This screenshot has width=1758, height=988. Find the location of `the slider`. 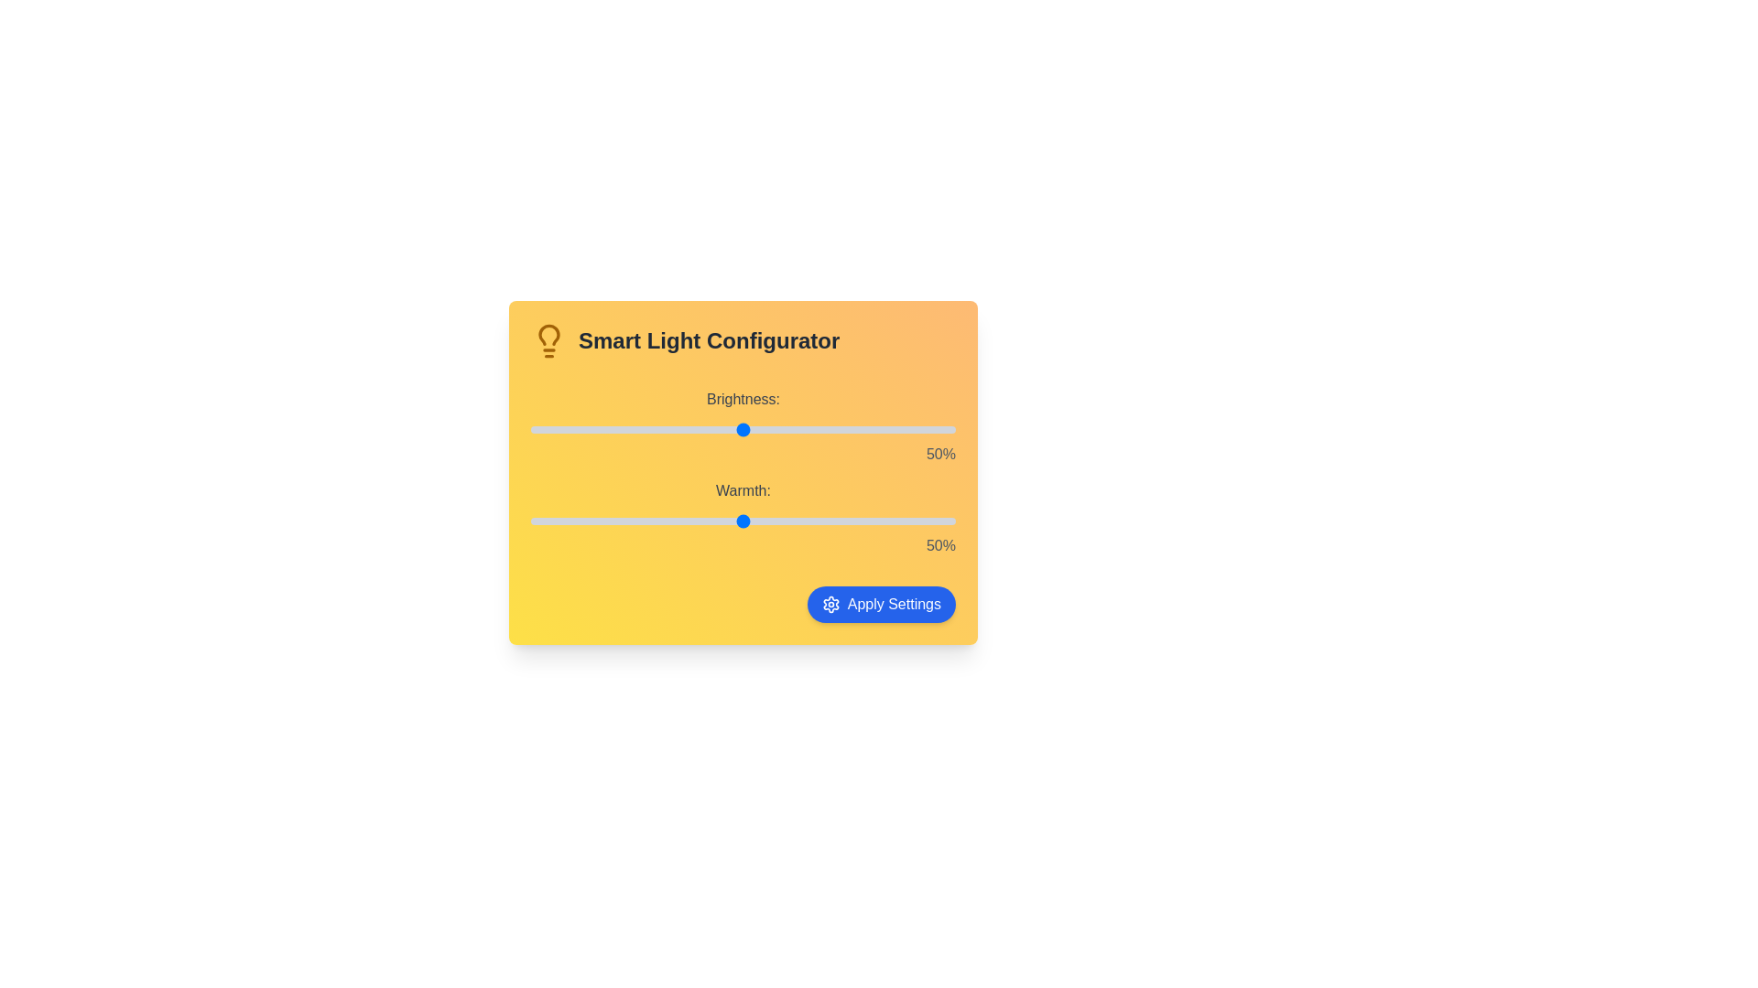

the slider is located at coordinates (844, 521).